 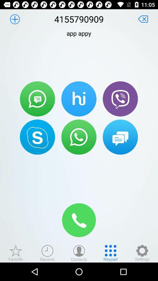 I want to click on make phone call, so click(x=79, y=220).